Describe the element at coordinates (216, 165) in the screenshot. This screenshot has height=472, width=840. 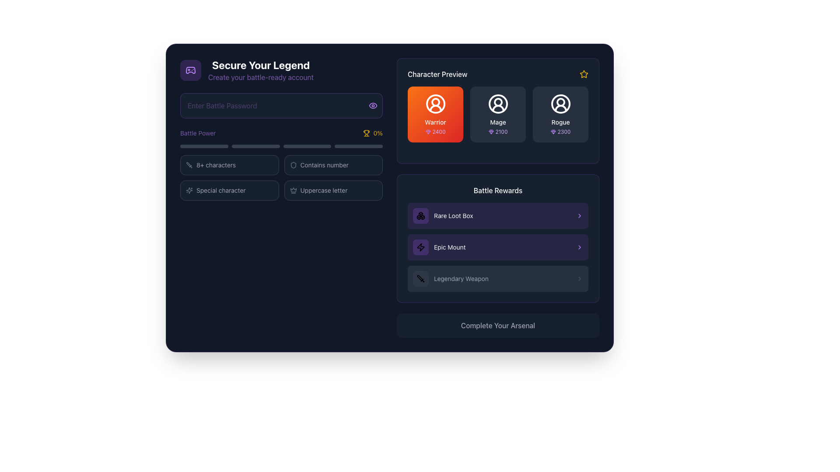
I see `the static text label that indicates the password must contain at least eight characters, which is the final textual component in the password criteria indicators` at that location.